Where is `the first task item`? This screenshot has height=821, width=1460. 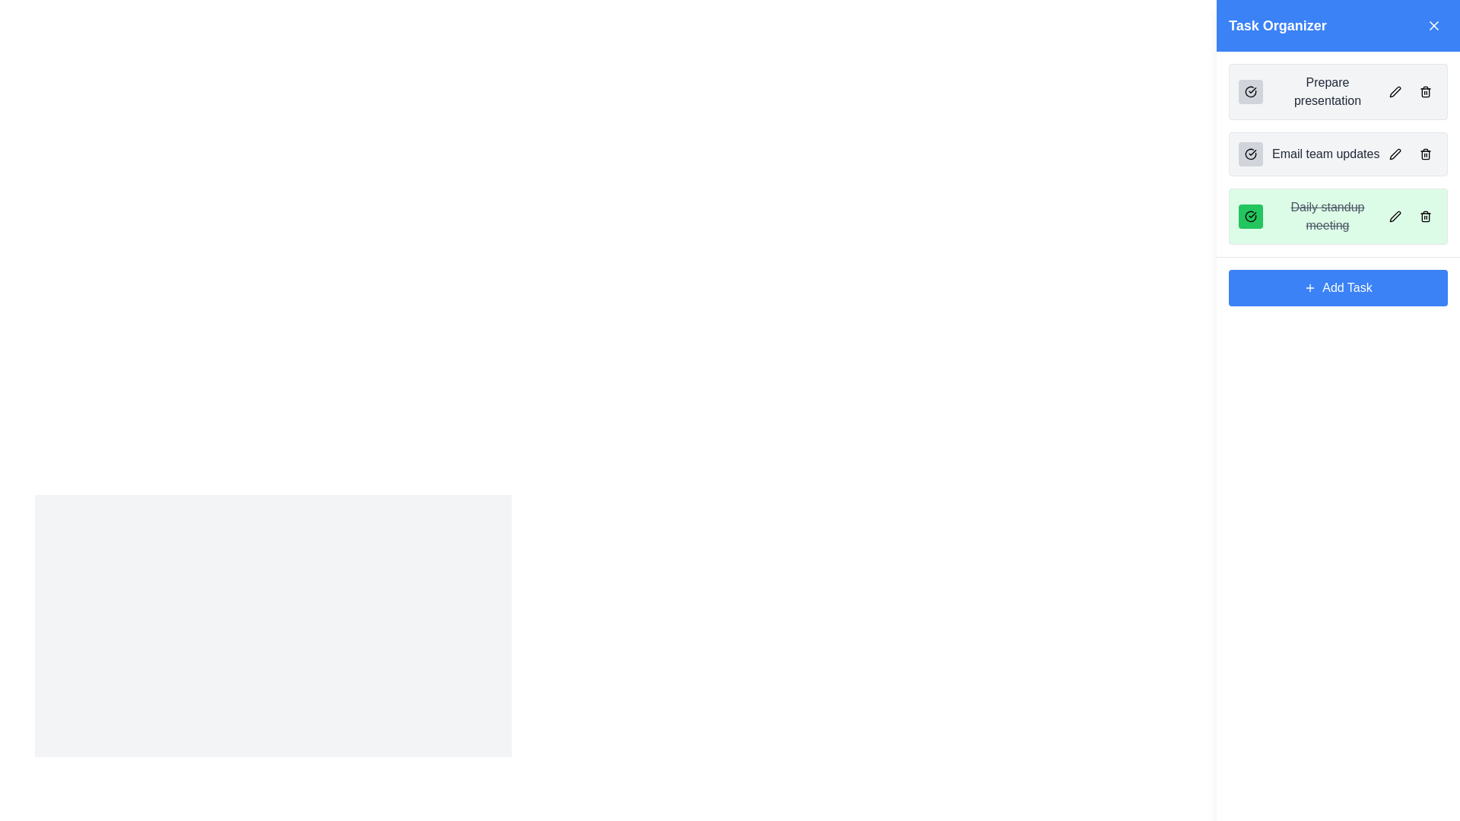
the first task item is located at coordinates (1309, 91).